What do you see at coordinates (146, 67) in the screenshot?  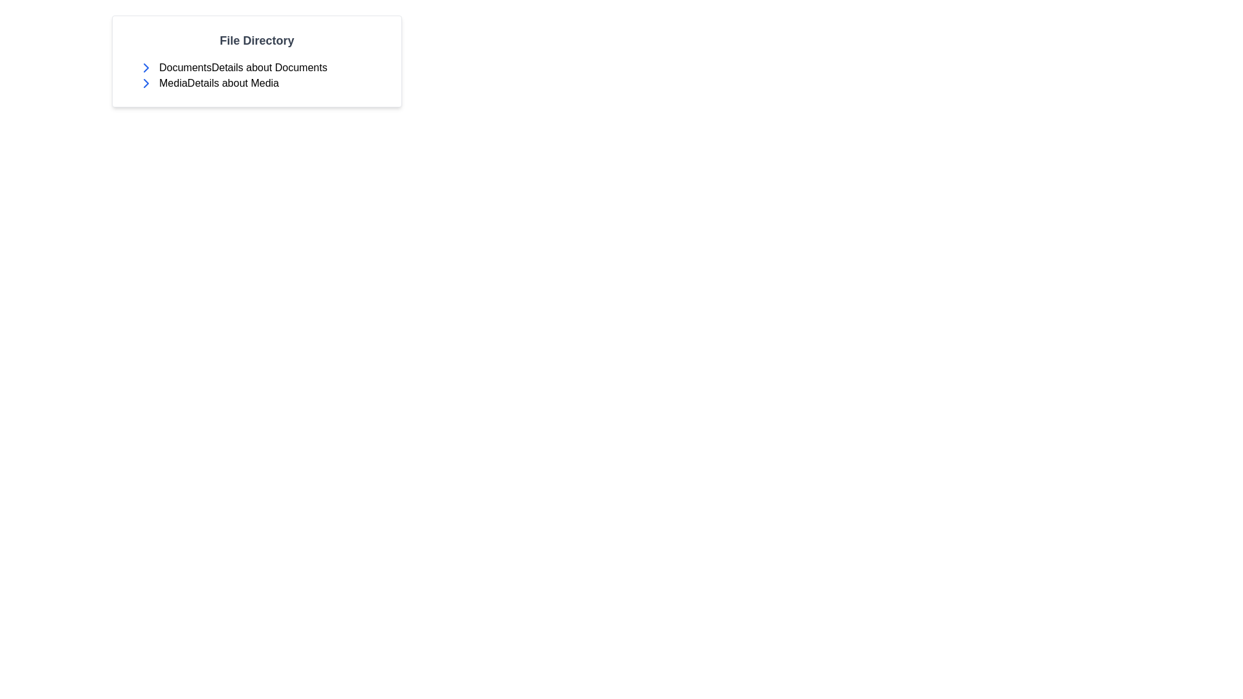 I see `the blue, right-facing chevron icon adjacent to the text 'DocumentsDetails about Documents' in the 'File Directory' section as a visual indicator` at bounding box center [146, 67].